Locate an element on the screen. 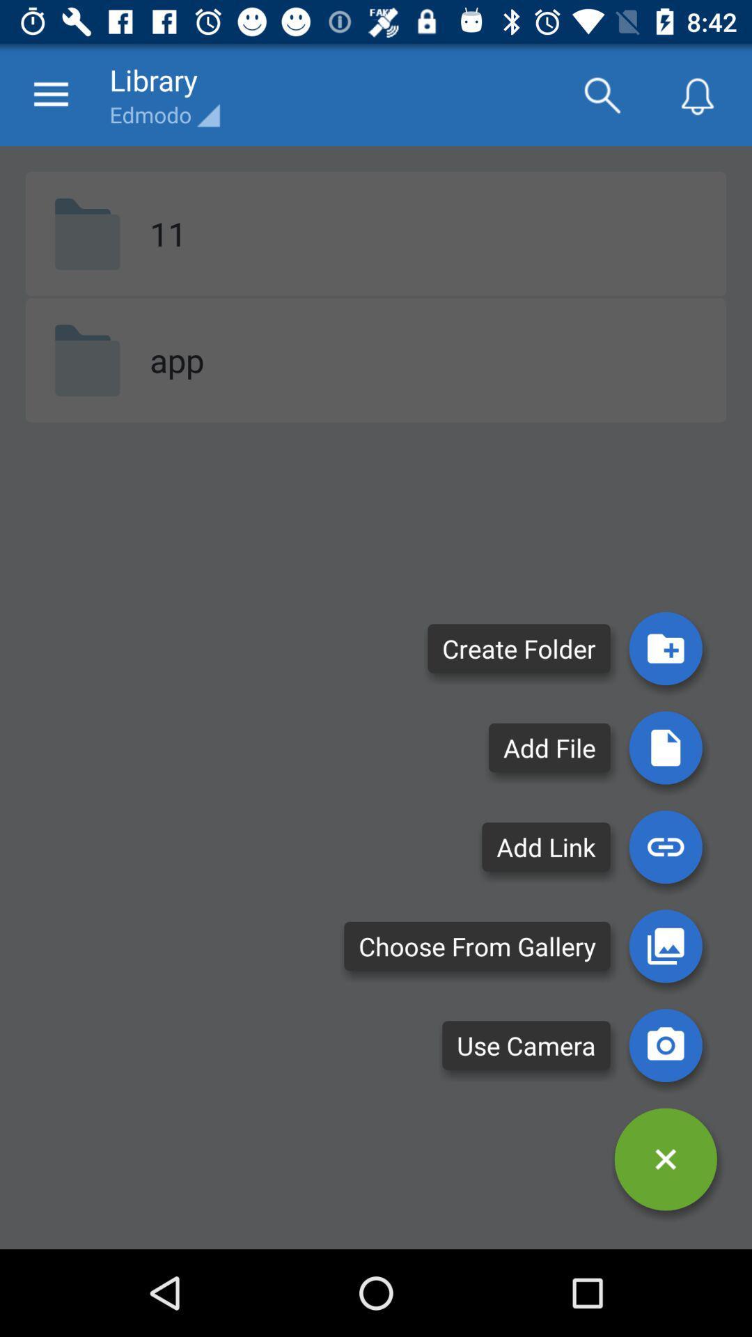 Image resolution: width=752 pixels, height=1337 pixels. the control panel is located at coordinates (665, 1159).